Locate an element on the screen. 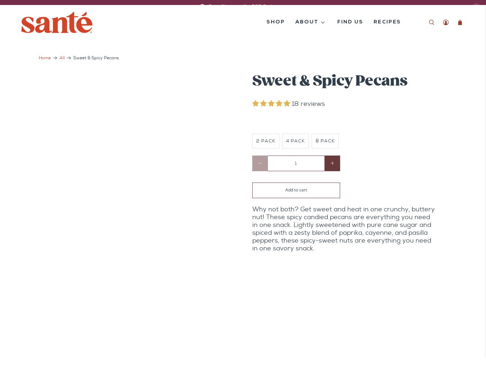 This screenshot has height=380, width=486. '18 reviews' is located at coordinates (308, 104).